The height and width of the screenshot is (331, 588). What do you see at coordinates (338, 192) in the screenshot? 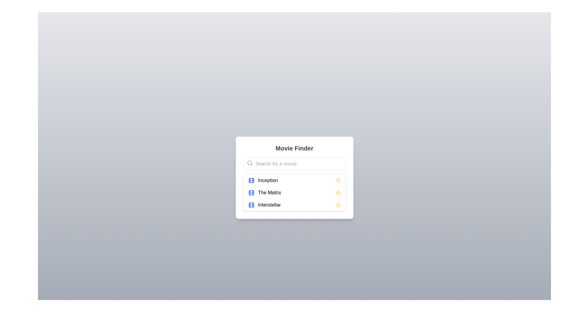
I see `the star icon with a yellow outline located on the right side of the row labeled 'The Matrix' to interact with it` at bounding box center [338, 192].